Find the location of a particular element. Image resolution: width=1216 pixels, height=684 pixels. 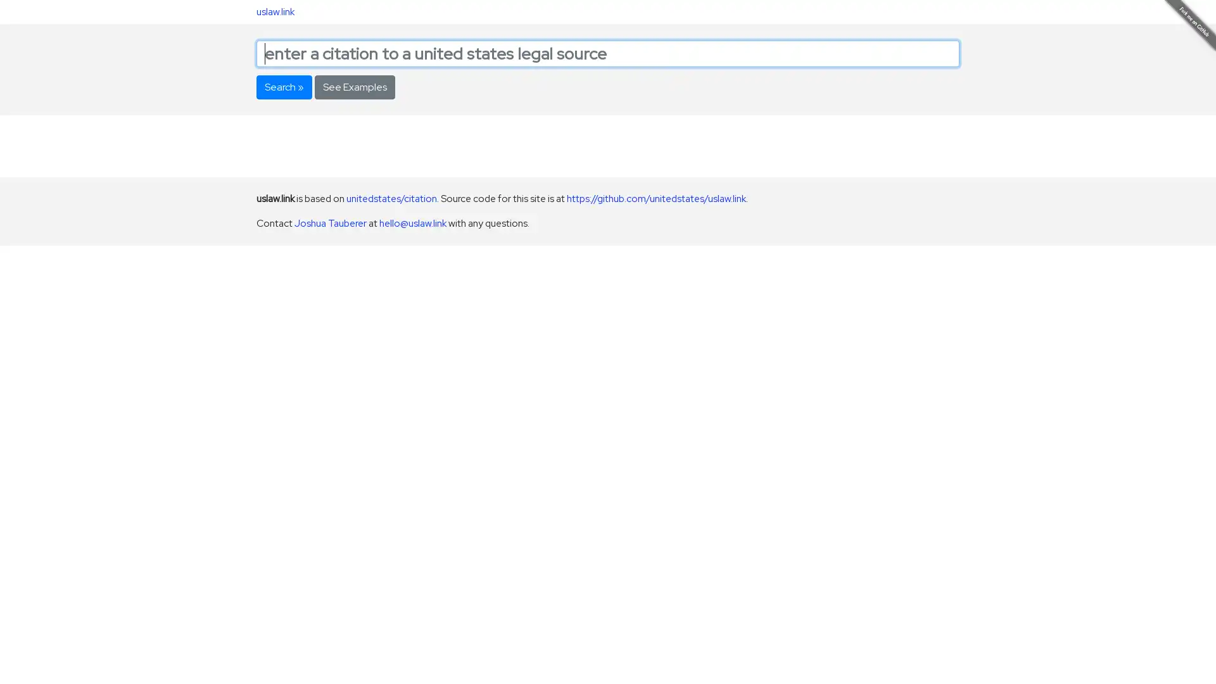

See Examples is located at coordinates (355, 86).